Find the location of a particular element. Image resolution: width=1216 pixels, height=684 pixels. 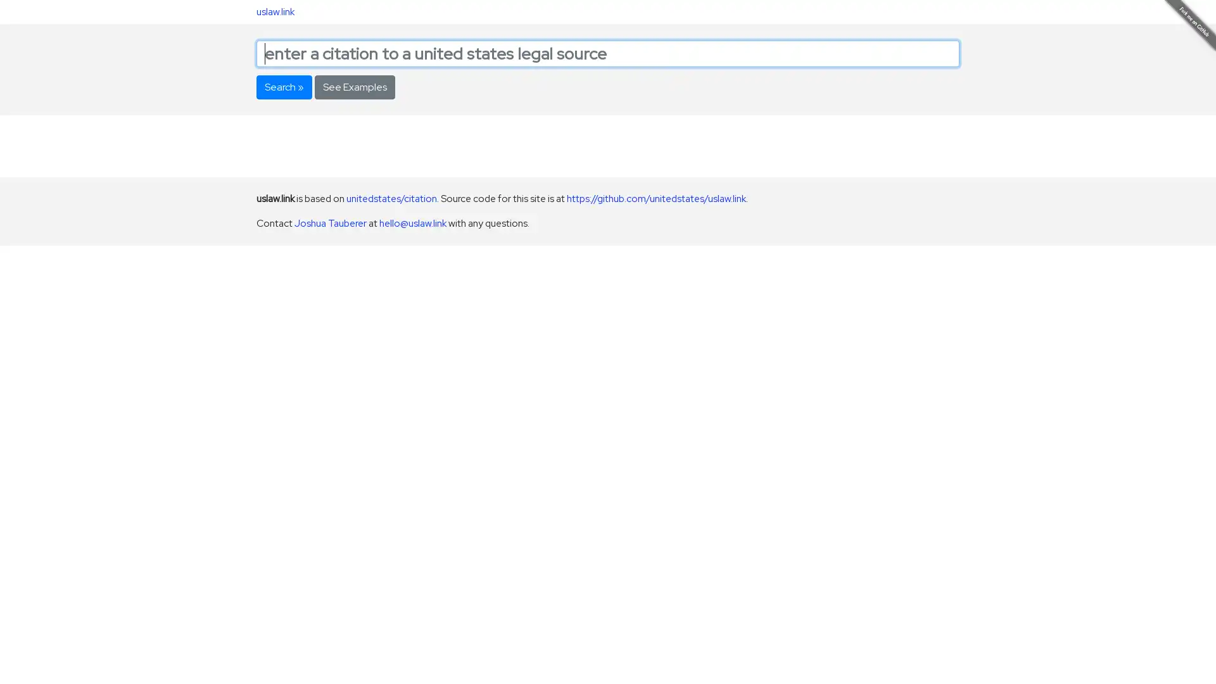

See Examples is located at coordinates (355, 86).